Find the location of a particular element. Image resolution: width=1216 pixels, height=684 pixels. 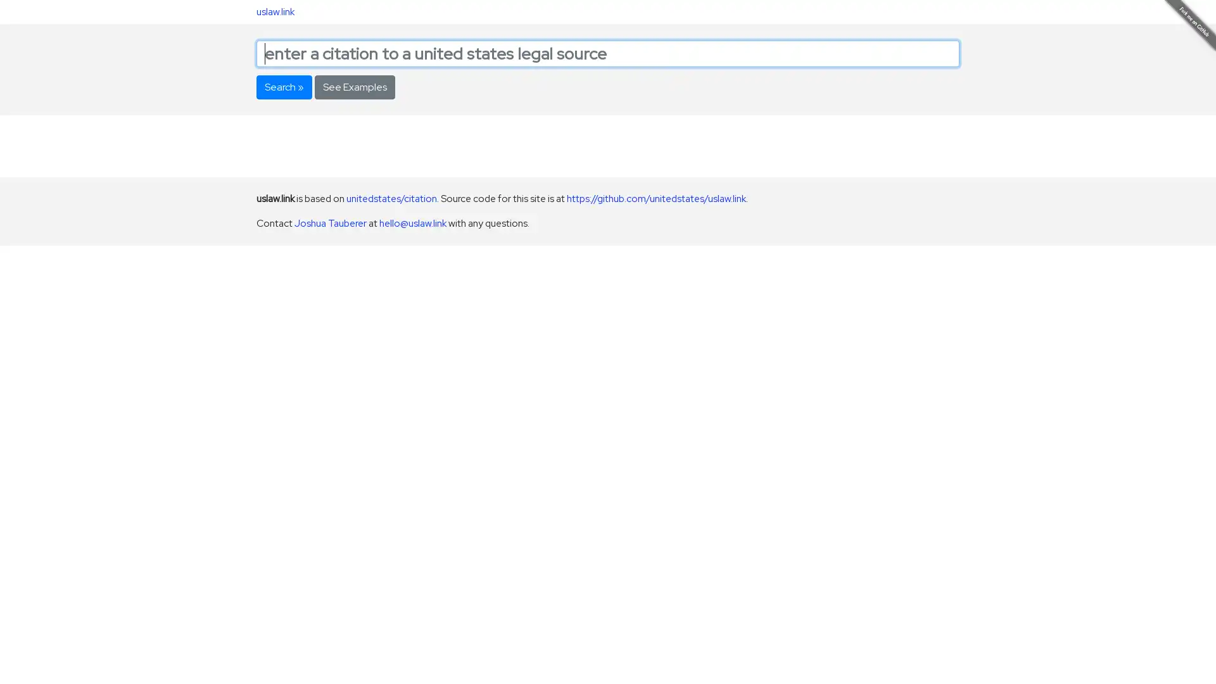

See Examples is located at coordinates (355, 86).